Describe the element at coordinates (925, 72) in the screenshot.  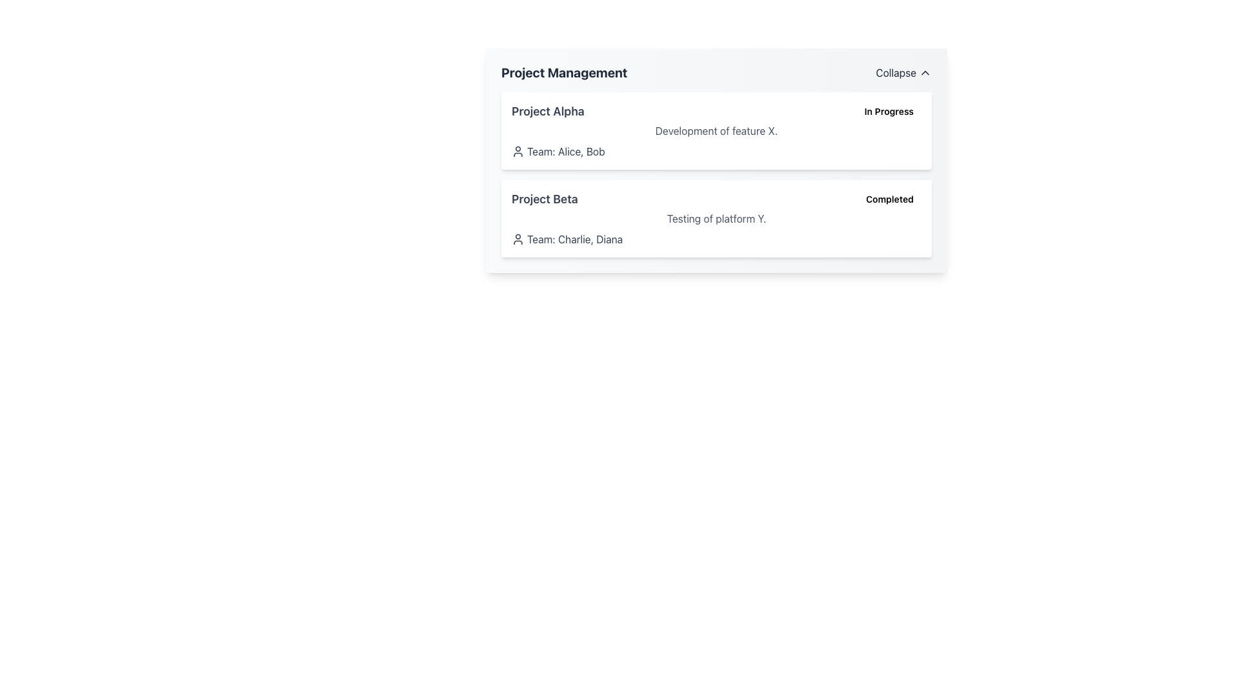
I see `the Chevron icon located to the right of the 'Collapse' text in the top-right corner of the 'Project Management' card` at that location.